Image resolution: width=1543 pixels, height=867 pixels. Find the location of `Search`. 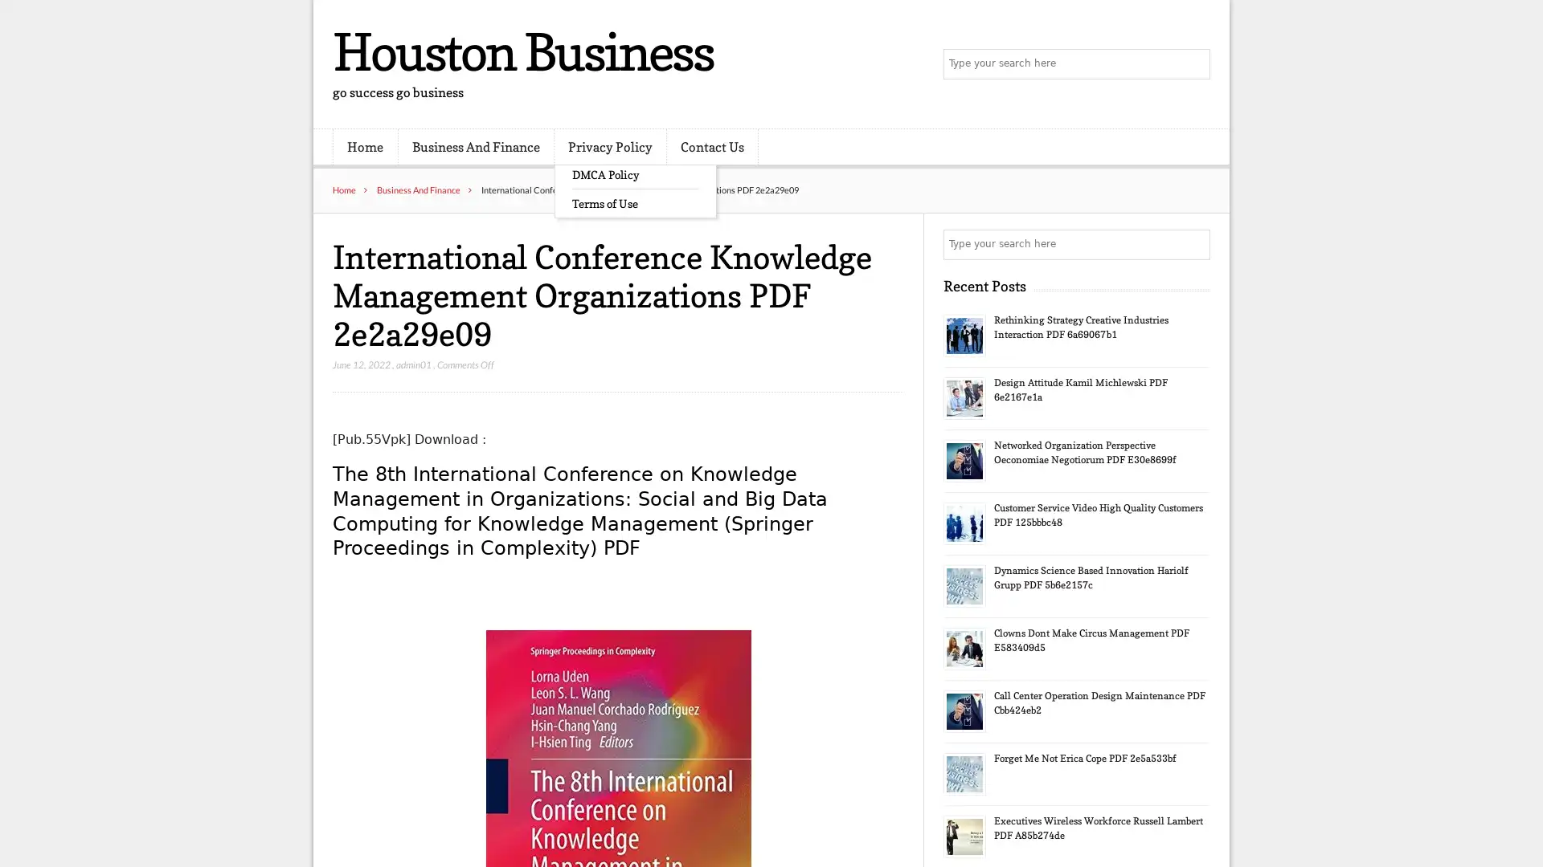

Search is located at coordinates (1193, 64).